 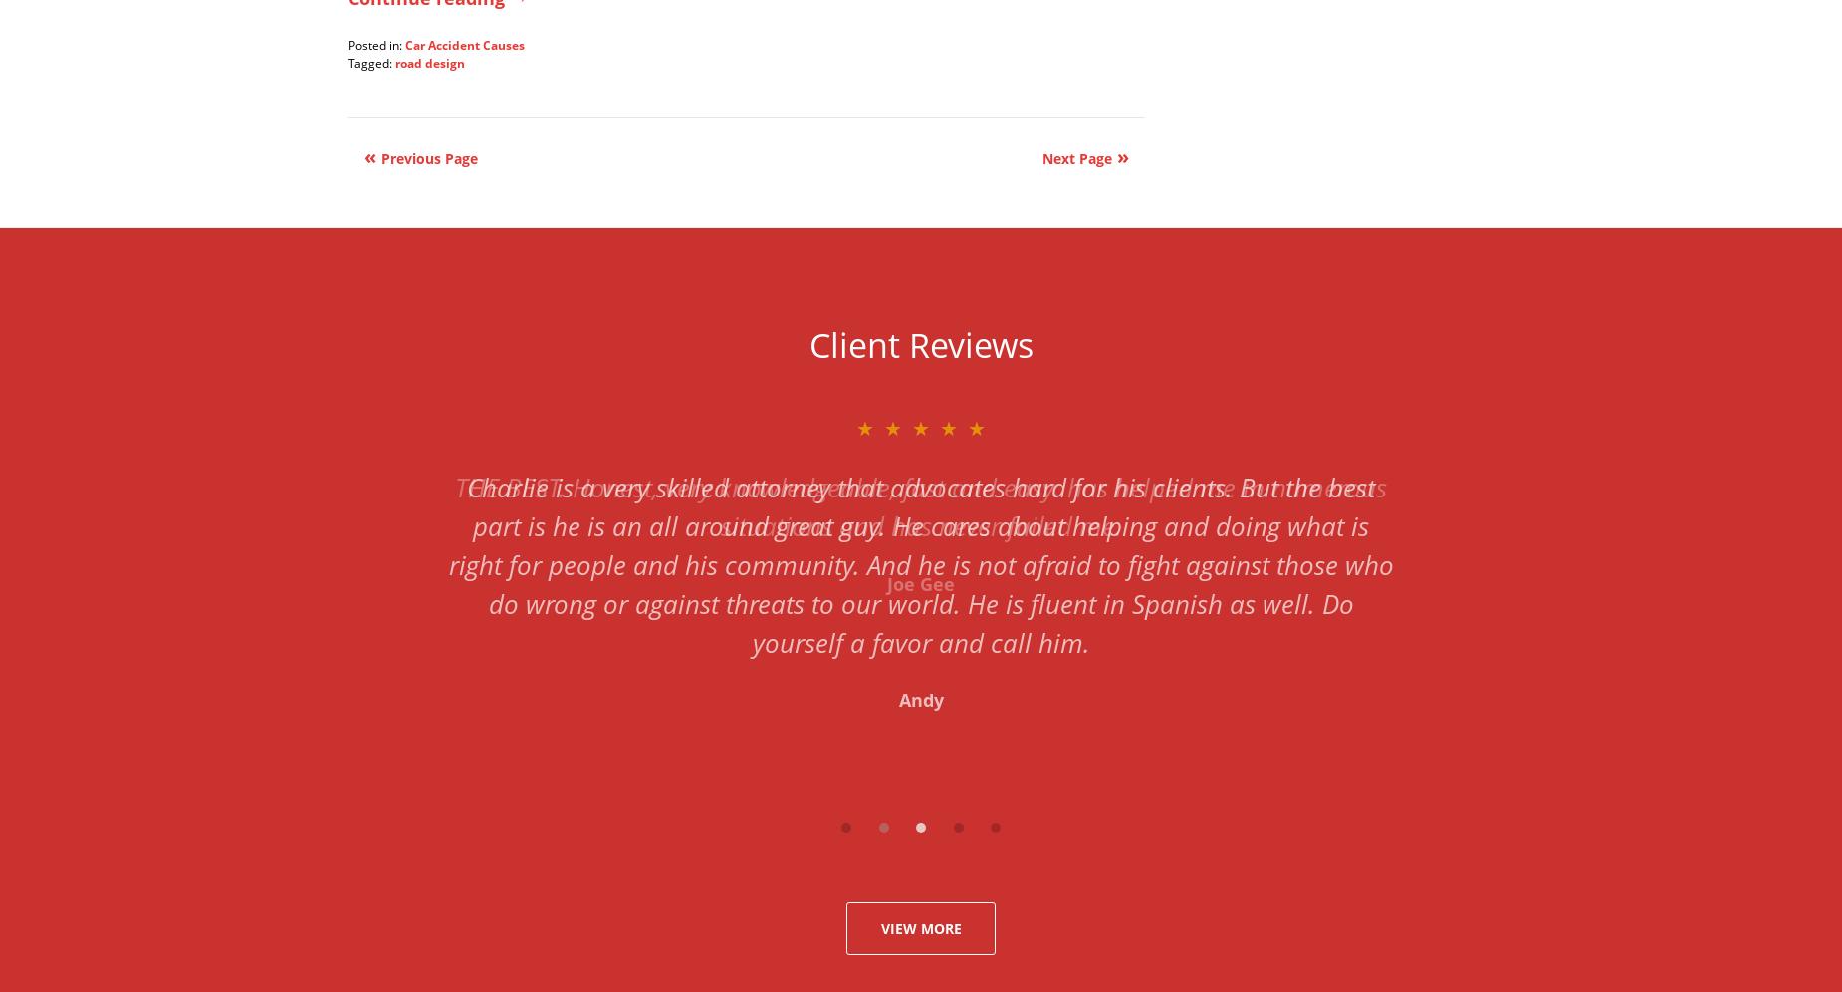 I want to click on 'I had a lawyer on another case and I never spoke to the lawyer and I hated that I never knew what was going on in my case. Mr. Flaxman was in constant communication with me, explained everything to me, and his staff was really great too. My phone calls were always returned immediately. It was refreshing to be able to speak to my attorney personally. I would HIGHLY recommend Mr. Flaxman as an attorney to anyone who has been in an accident.', so click(x=446, y=583).